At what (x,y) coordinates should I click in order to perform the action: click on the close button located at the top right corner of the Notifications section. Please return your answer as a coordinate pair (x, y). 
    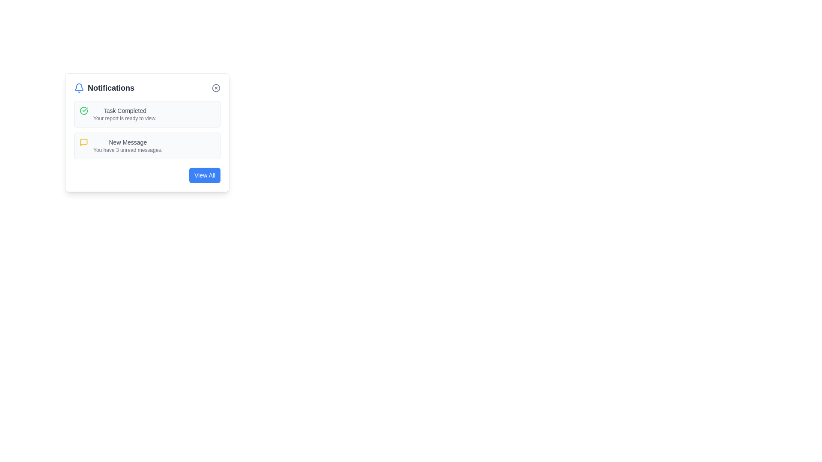
    Looking at the image, I should click on (216, 88).